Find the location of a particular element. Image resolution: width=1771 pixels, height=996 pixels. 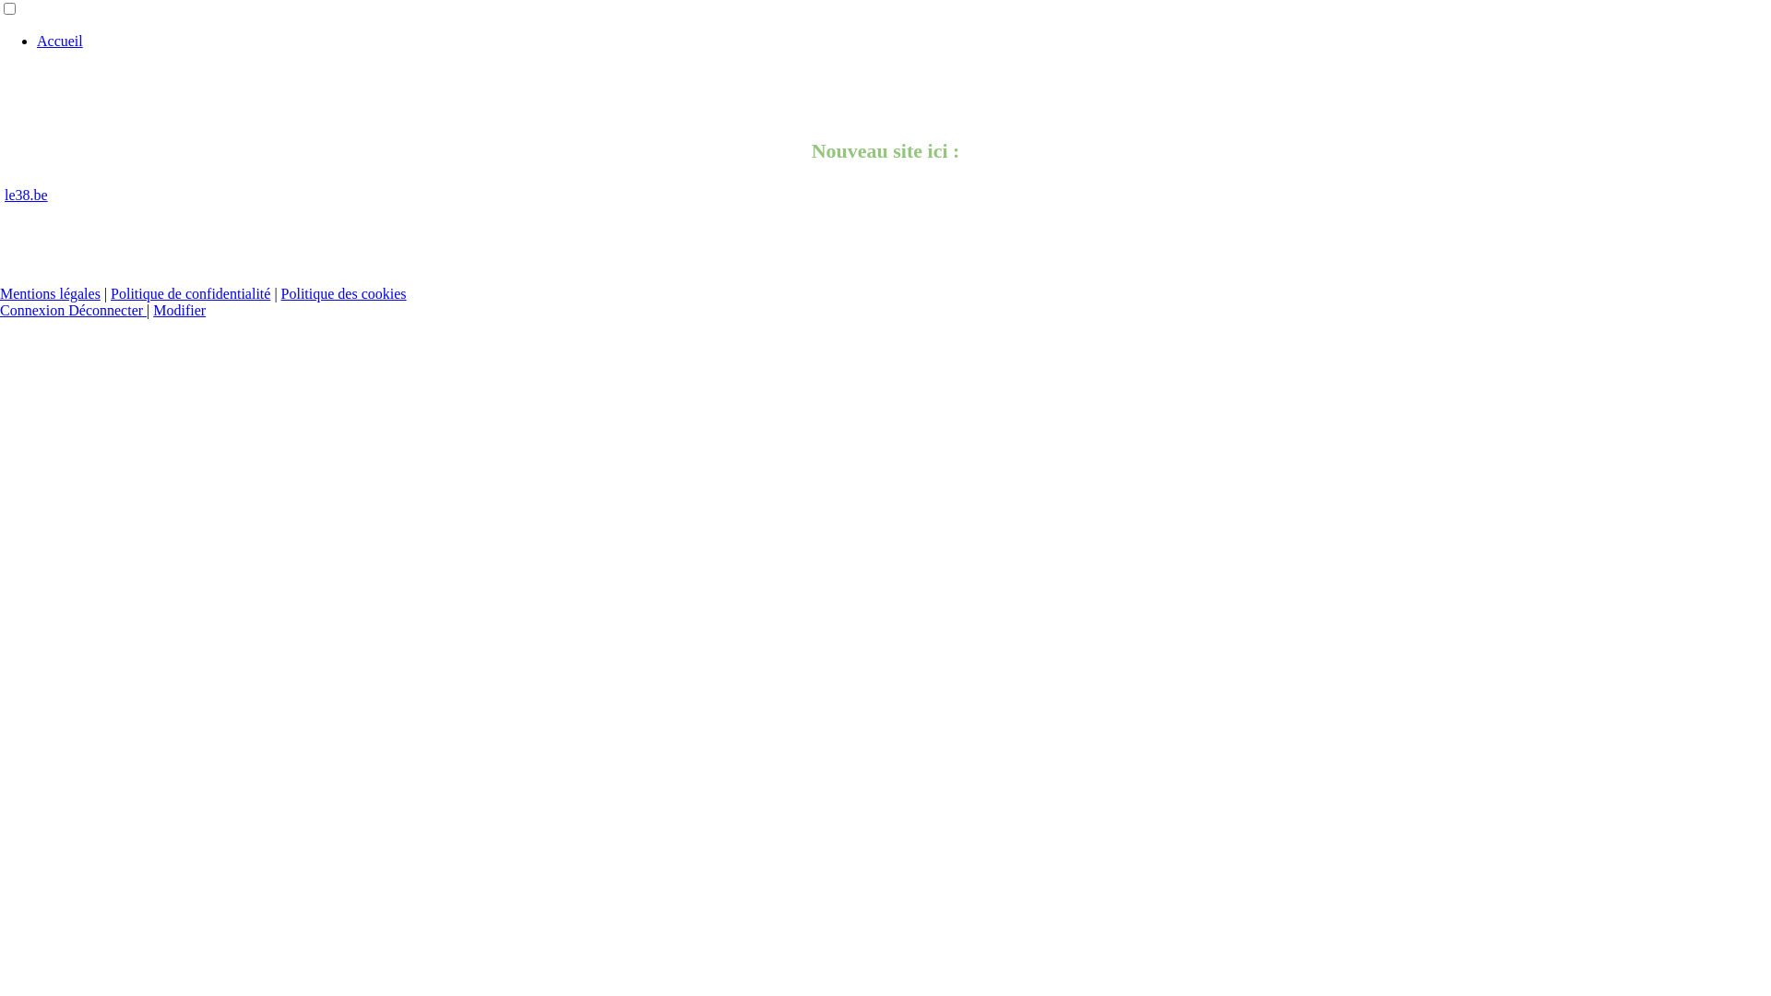

'Politique des cookies' is located at coordinates (344, 292).